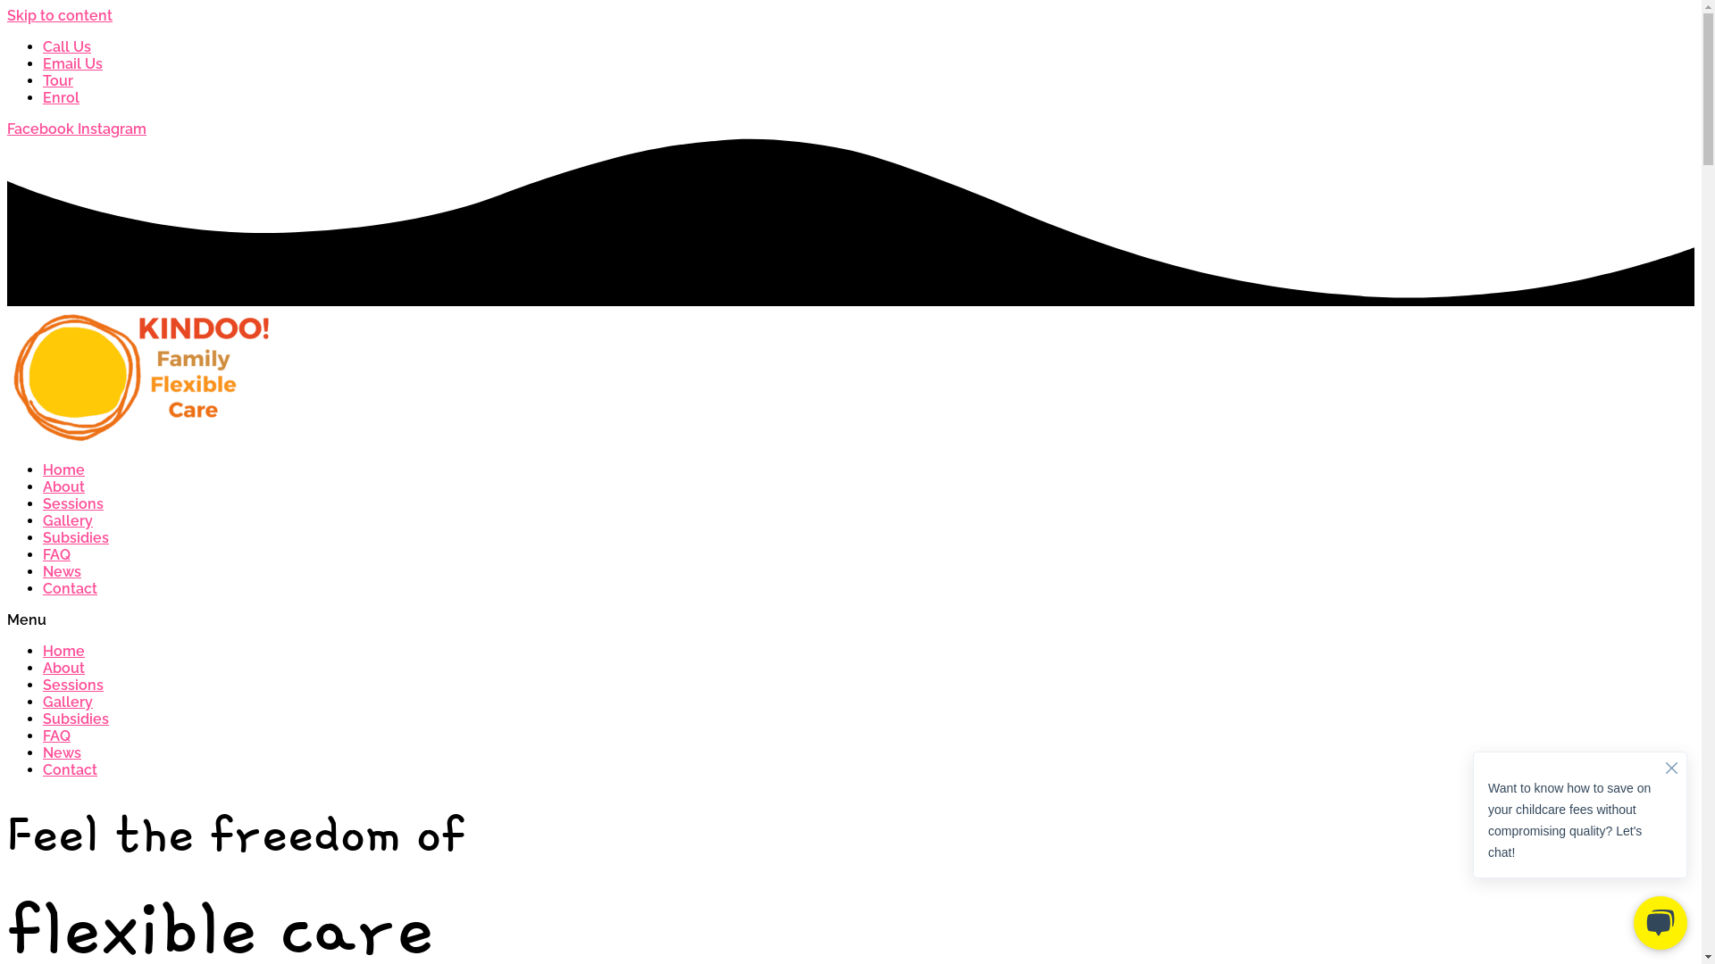  What do you see at coordinates (62, 571) in the screenshot?
I see `'News'` at bounding box center [62, 571].